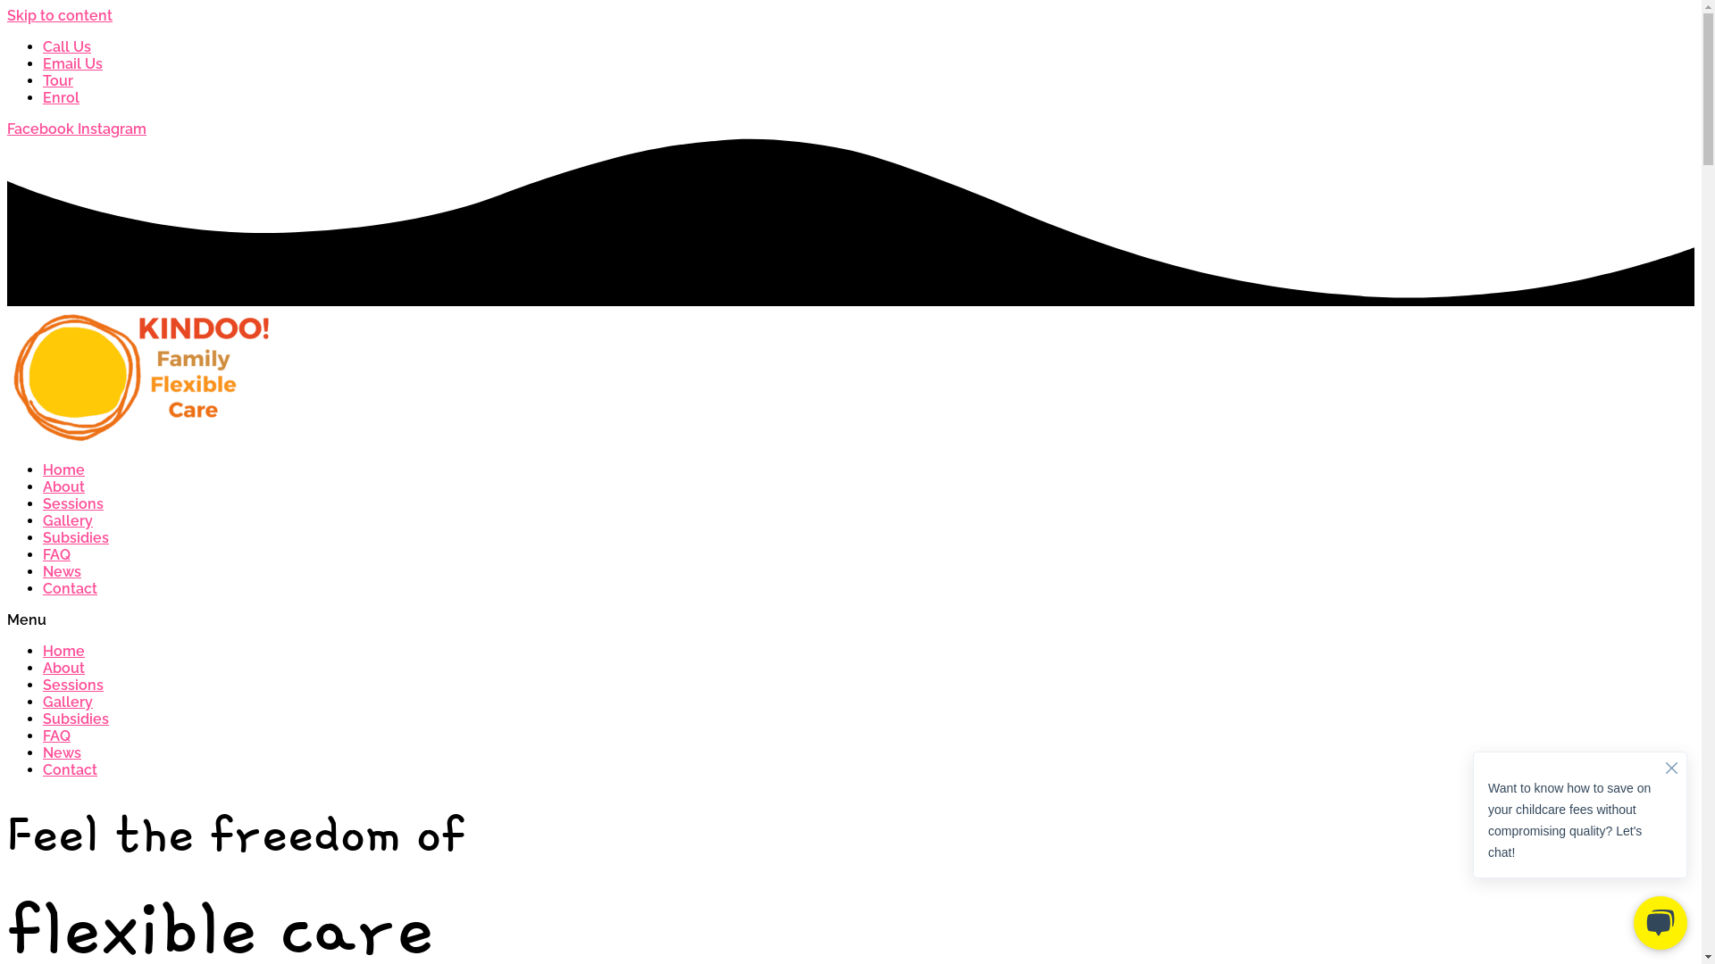  What do you see at coordinates (62, 571) in the screenshot?
I see `'News'` at bounding box center [62, 571].